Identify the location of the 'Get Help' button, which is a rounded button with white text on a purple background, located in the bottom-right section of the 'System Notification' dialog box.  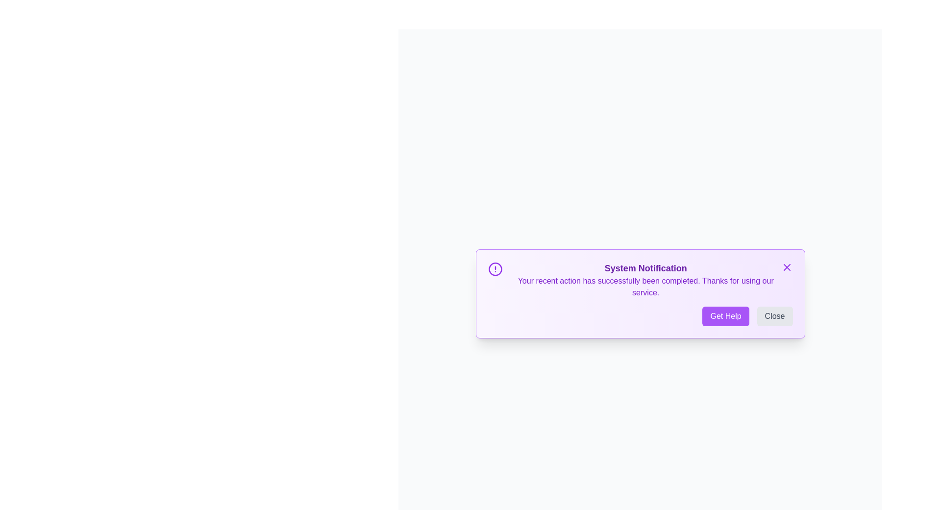
(726, 316).